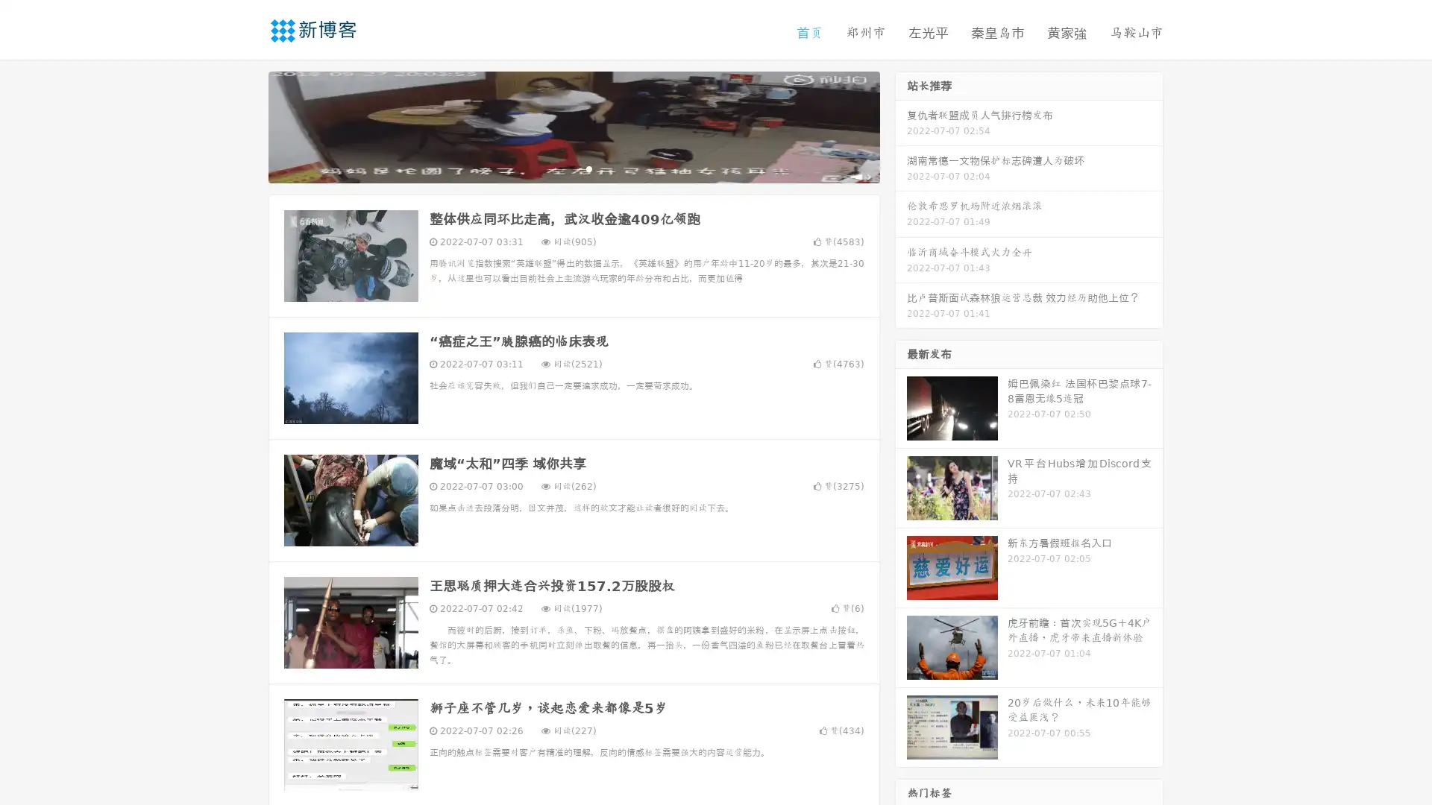  What do you see at coordinates (246, 125) in the screenshot?
I see `Previous slide` at bounding box center [246, 125].